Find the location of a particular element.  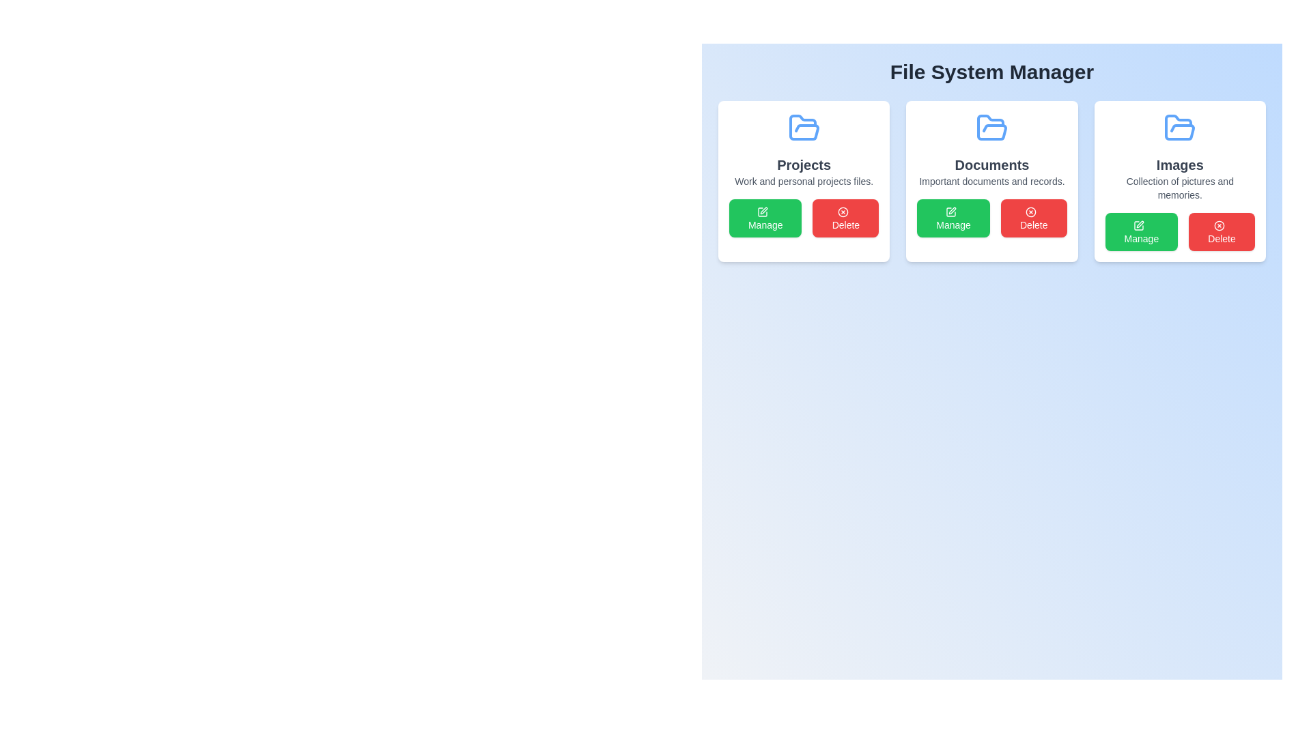

the static text label displaying 'Documents' in bold, located beneath the folder icon in the central card of the layout is located at coordinates (992, 164).